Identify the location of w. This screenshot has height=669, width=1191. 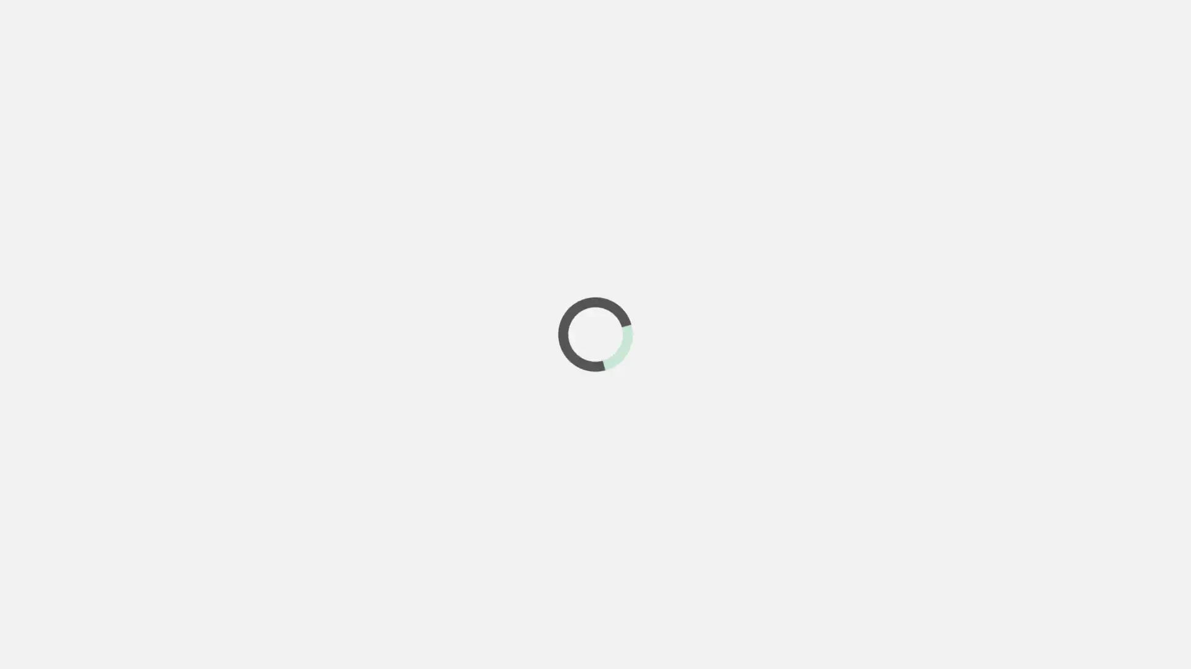
(1161, 46).